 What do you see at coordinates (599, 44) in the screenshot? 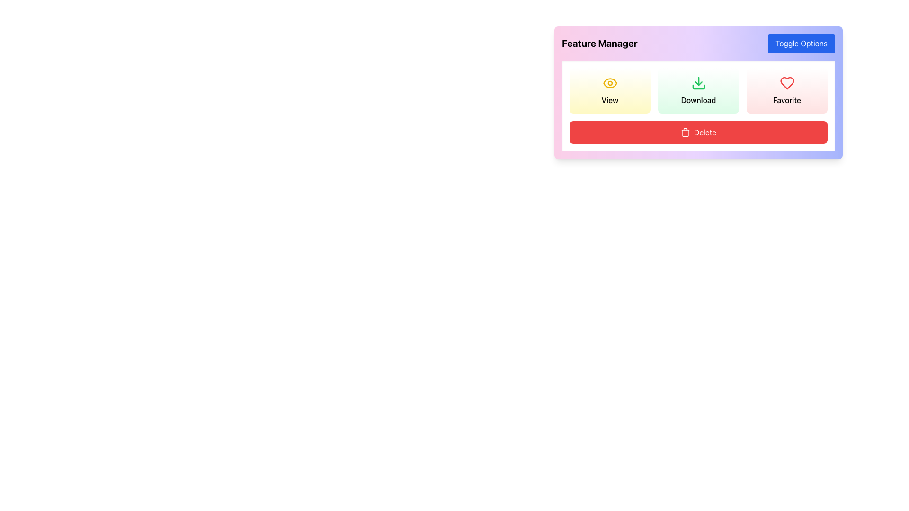
I see `the 'Feature Manager' text label` at bounding box center [599, 44].